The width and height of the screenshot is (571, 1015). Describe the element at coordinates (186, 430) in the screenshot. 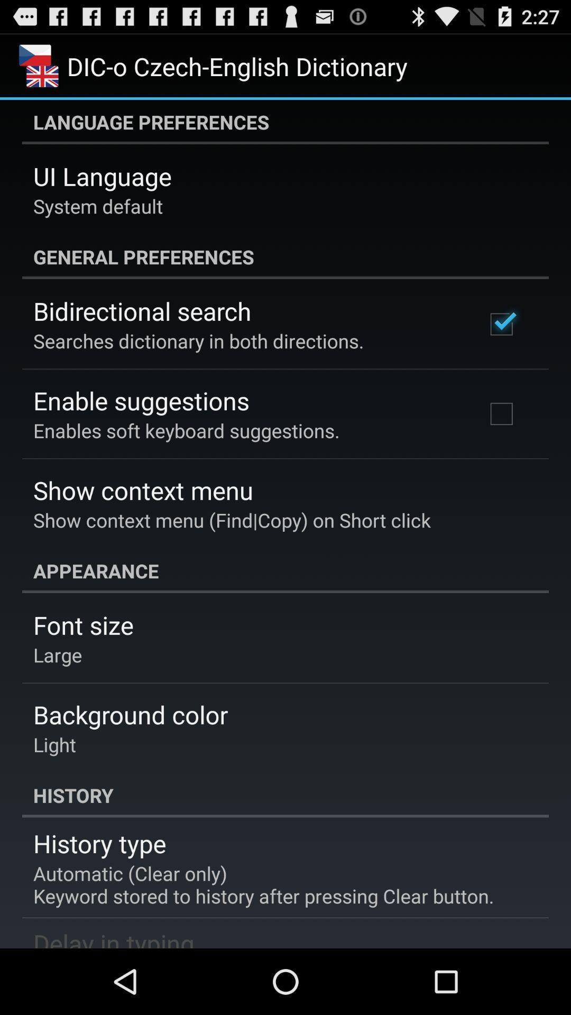

I see `the enables soft keyboard` at that location.